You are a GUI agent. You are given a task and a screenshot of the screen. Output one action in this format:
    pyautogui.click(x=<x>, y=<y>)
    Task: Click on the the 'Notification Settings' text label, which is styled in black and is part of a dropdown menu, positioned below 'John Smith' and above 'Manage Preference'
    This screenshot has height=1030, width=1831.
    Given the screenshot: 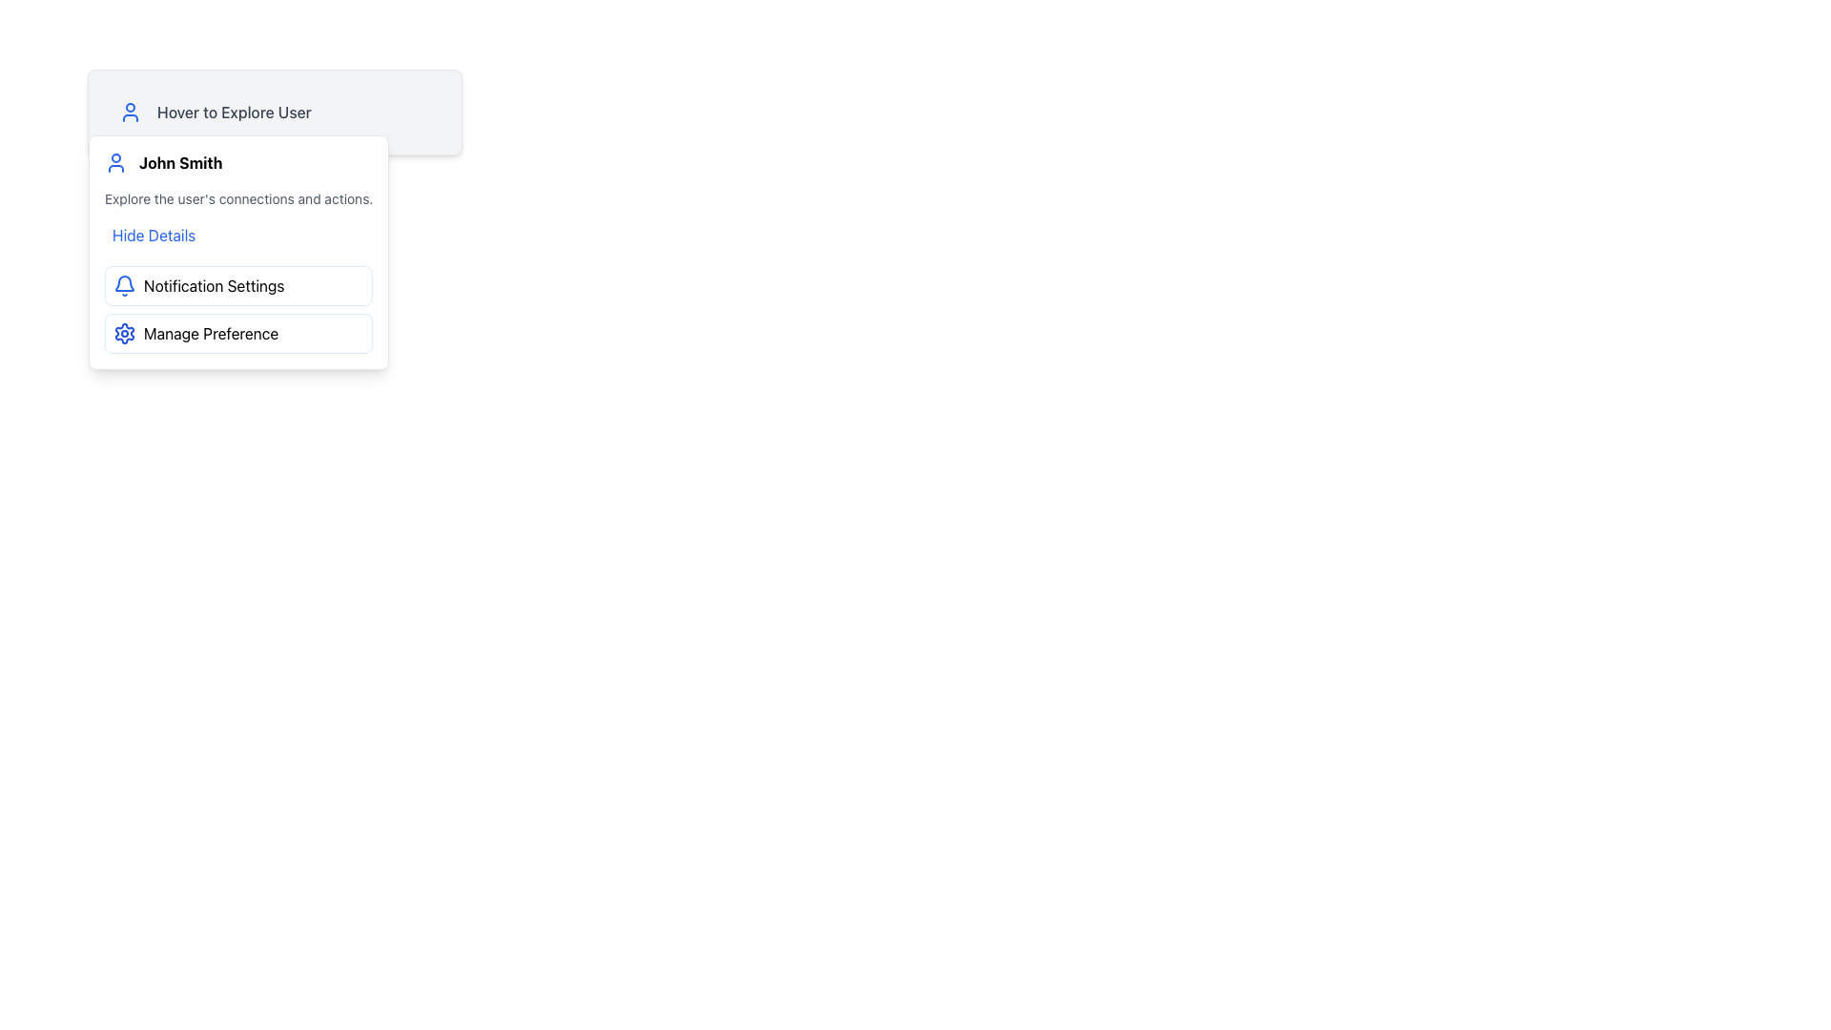 What is the action you would take?
    pyautogui.click(x=214, y=286)
    